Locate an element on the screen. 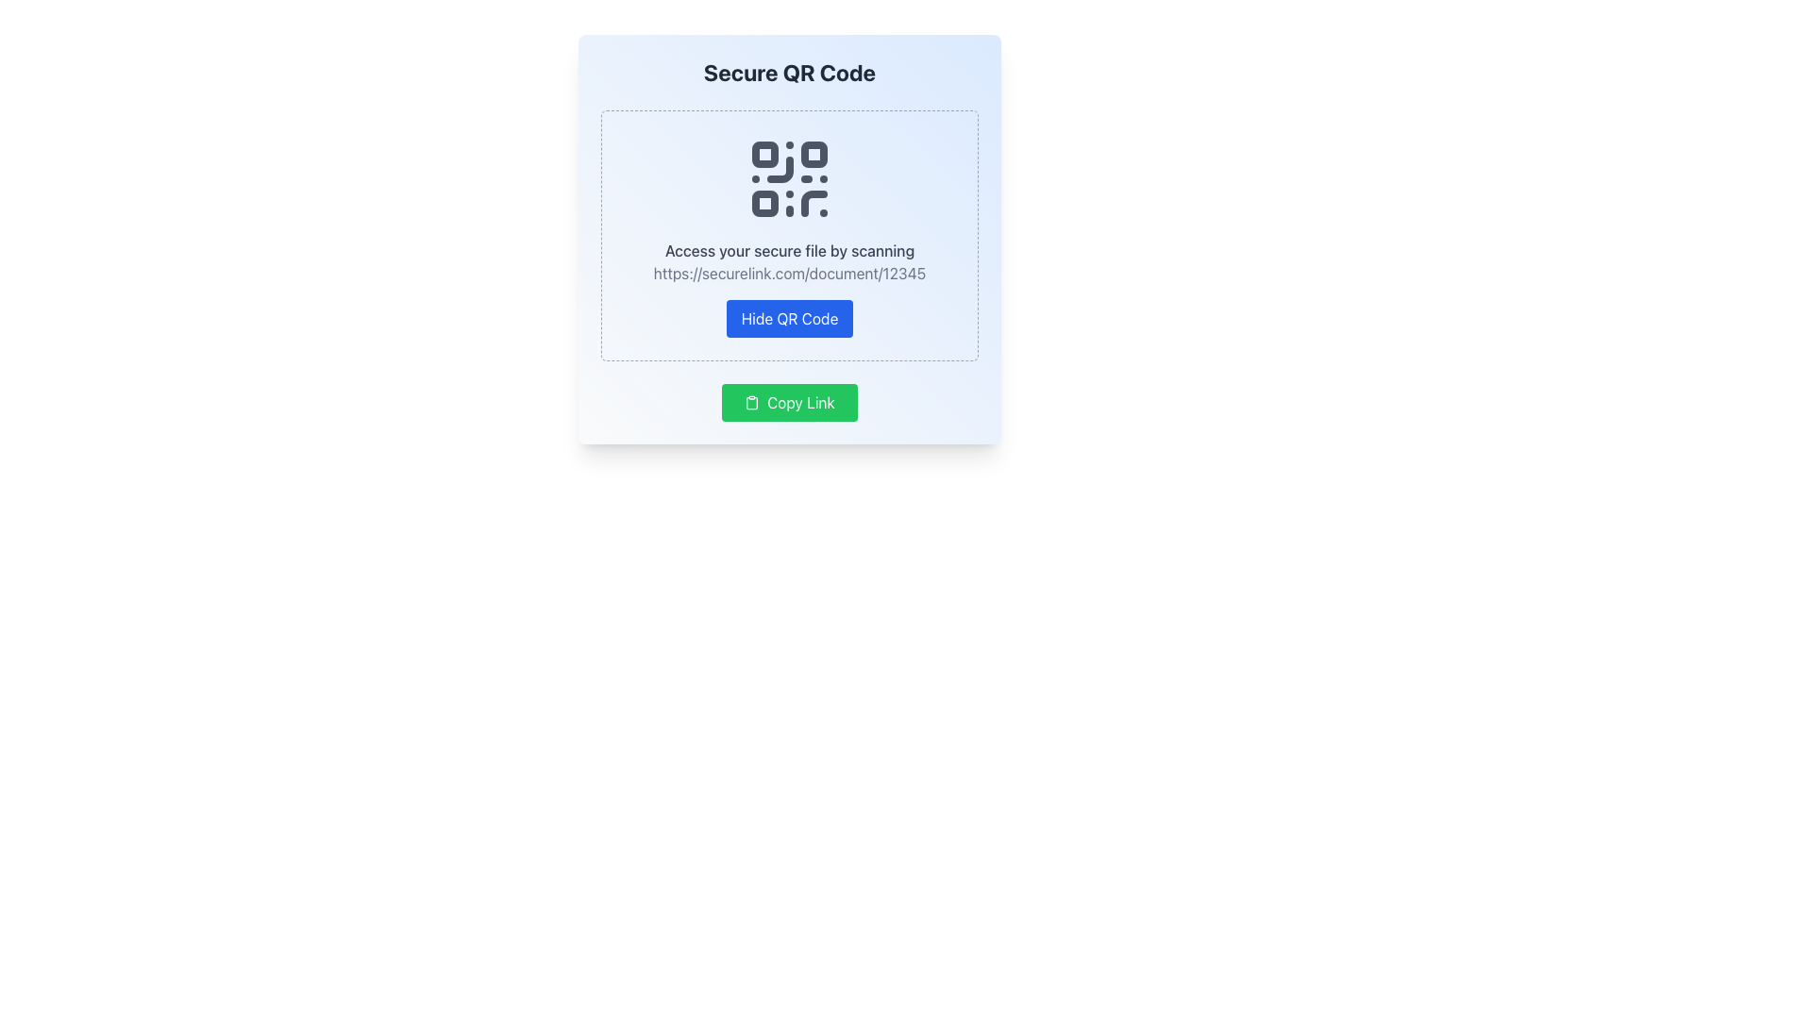 The image size is (1812, 1019). the Static URL text element located beneath 'Access your secure file by scanning', which serves as a clickable link is located at coordinates (789, 273).